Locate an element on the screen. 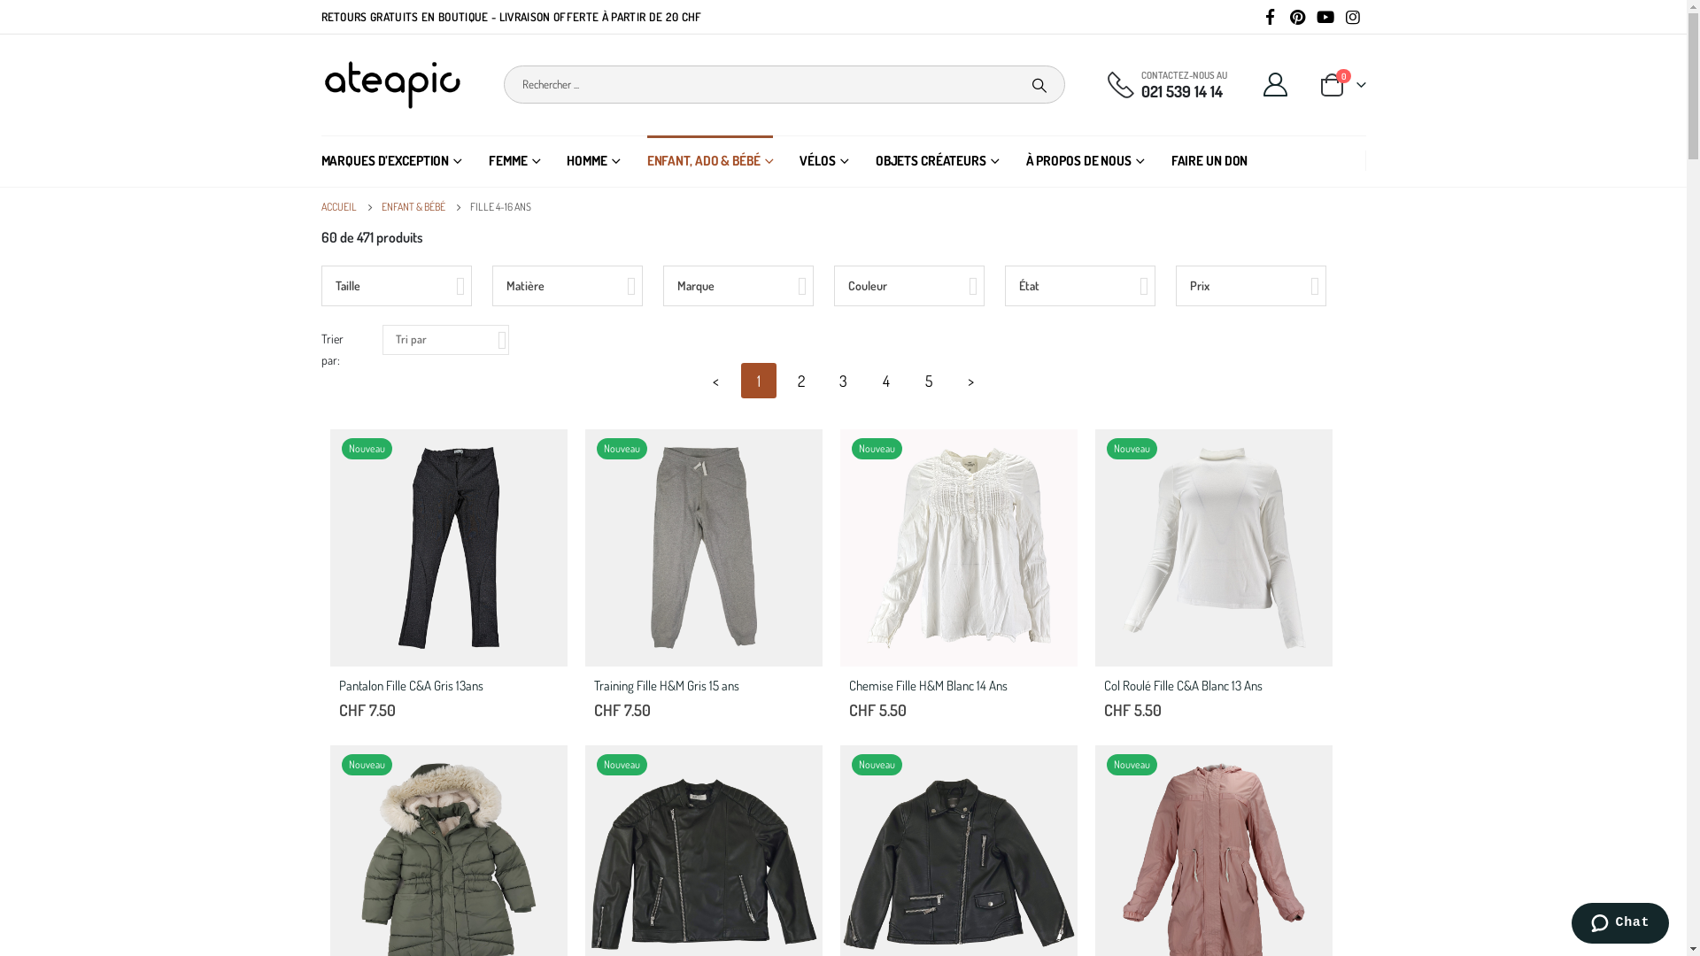 Image resolution: width=1700 pixels, height=956 pixels. 'FAIRE UN DON' is located at coordinates (1209, 160).